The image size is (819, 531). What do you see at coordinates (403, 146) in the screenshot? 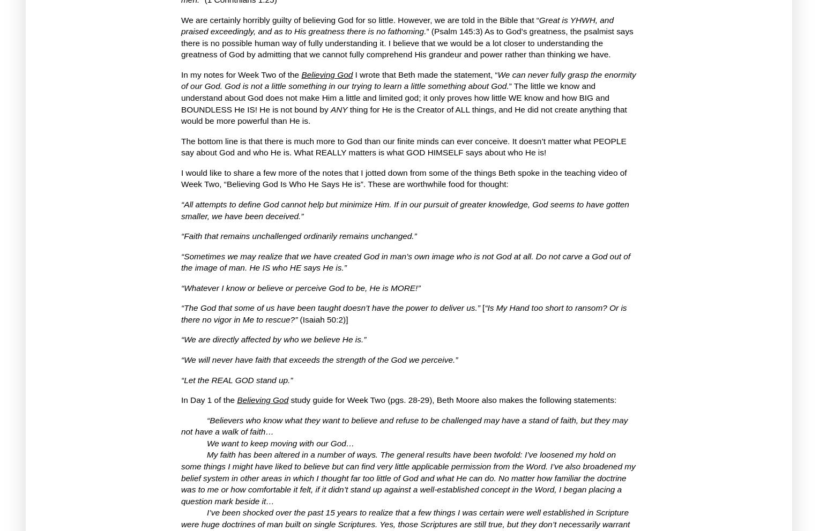
I see `'It doesn’t matter what PEOPLE say about God and who He is.'` at bounding box center [403, 146].